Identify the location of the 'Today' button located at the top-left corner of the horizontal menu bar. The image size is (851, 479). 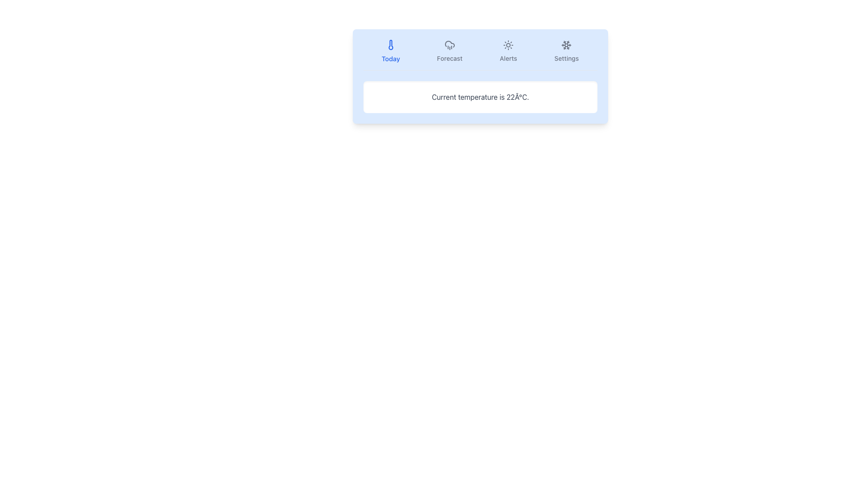
(390, 51).